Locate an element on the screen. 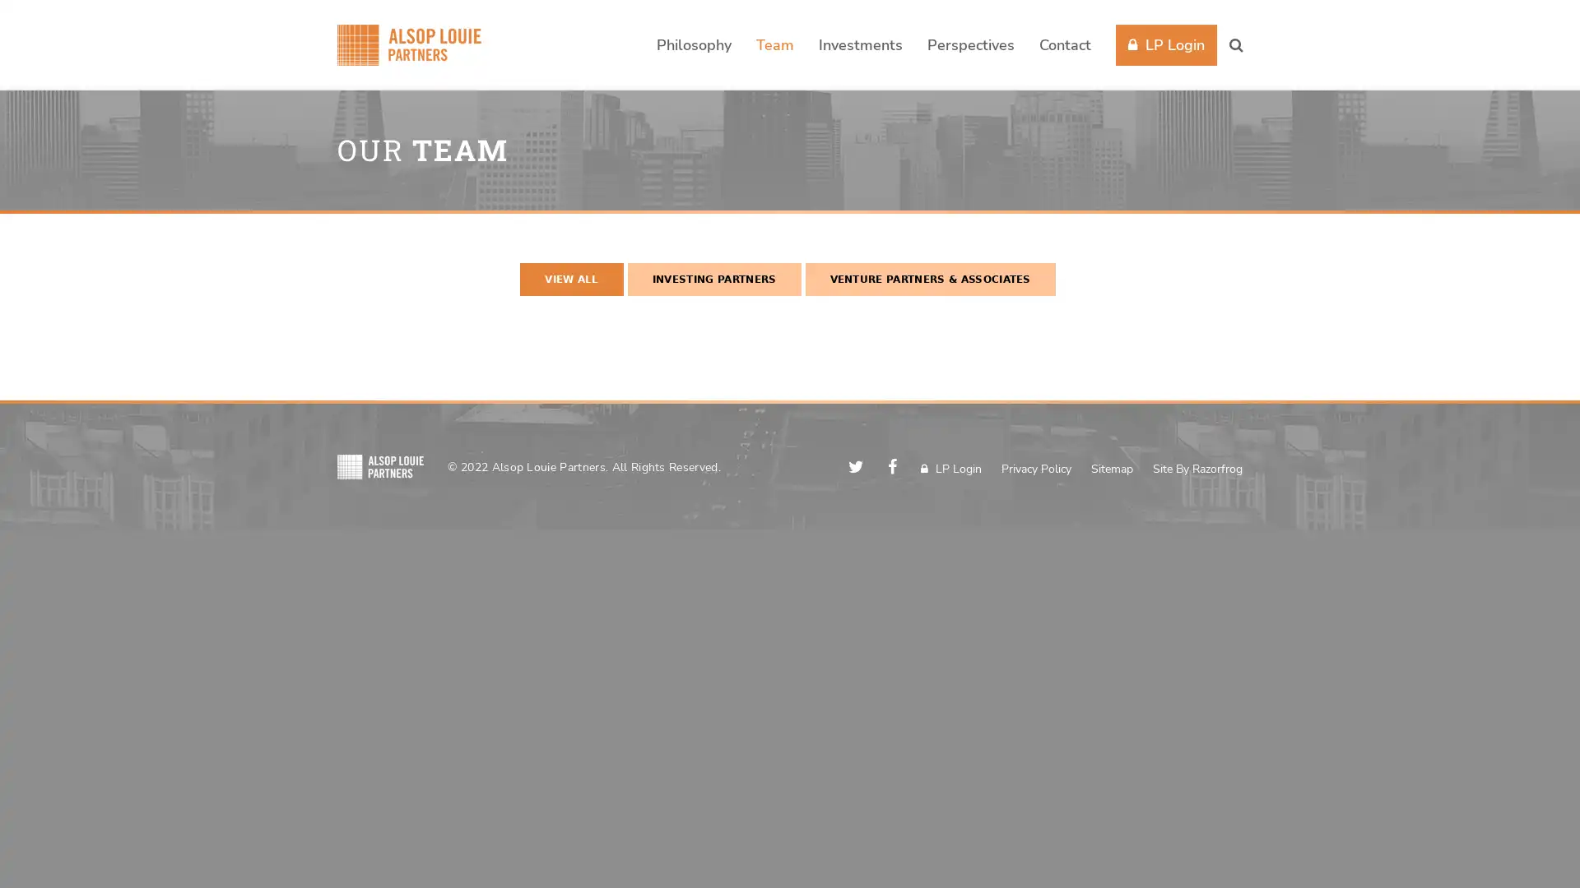  Search is located at coordinates (1236, 44).